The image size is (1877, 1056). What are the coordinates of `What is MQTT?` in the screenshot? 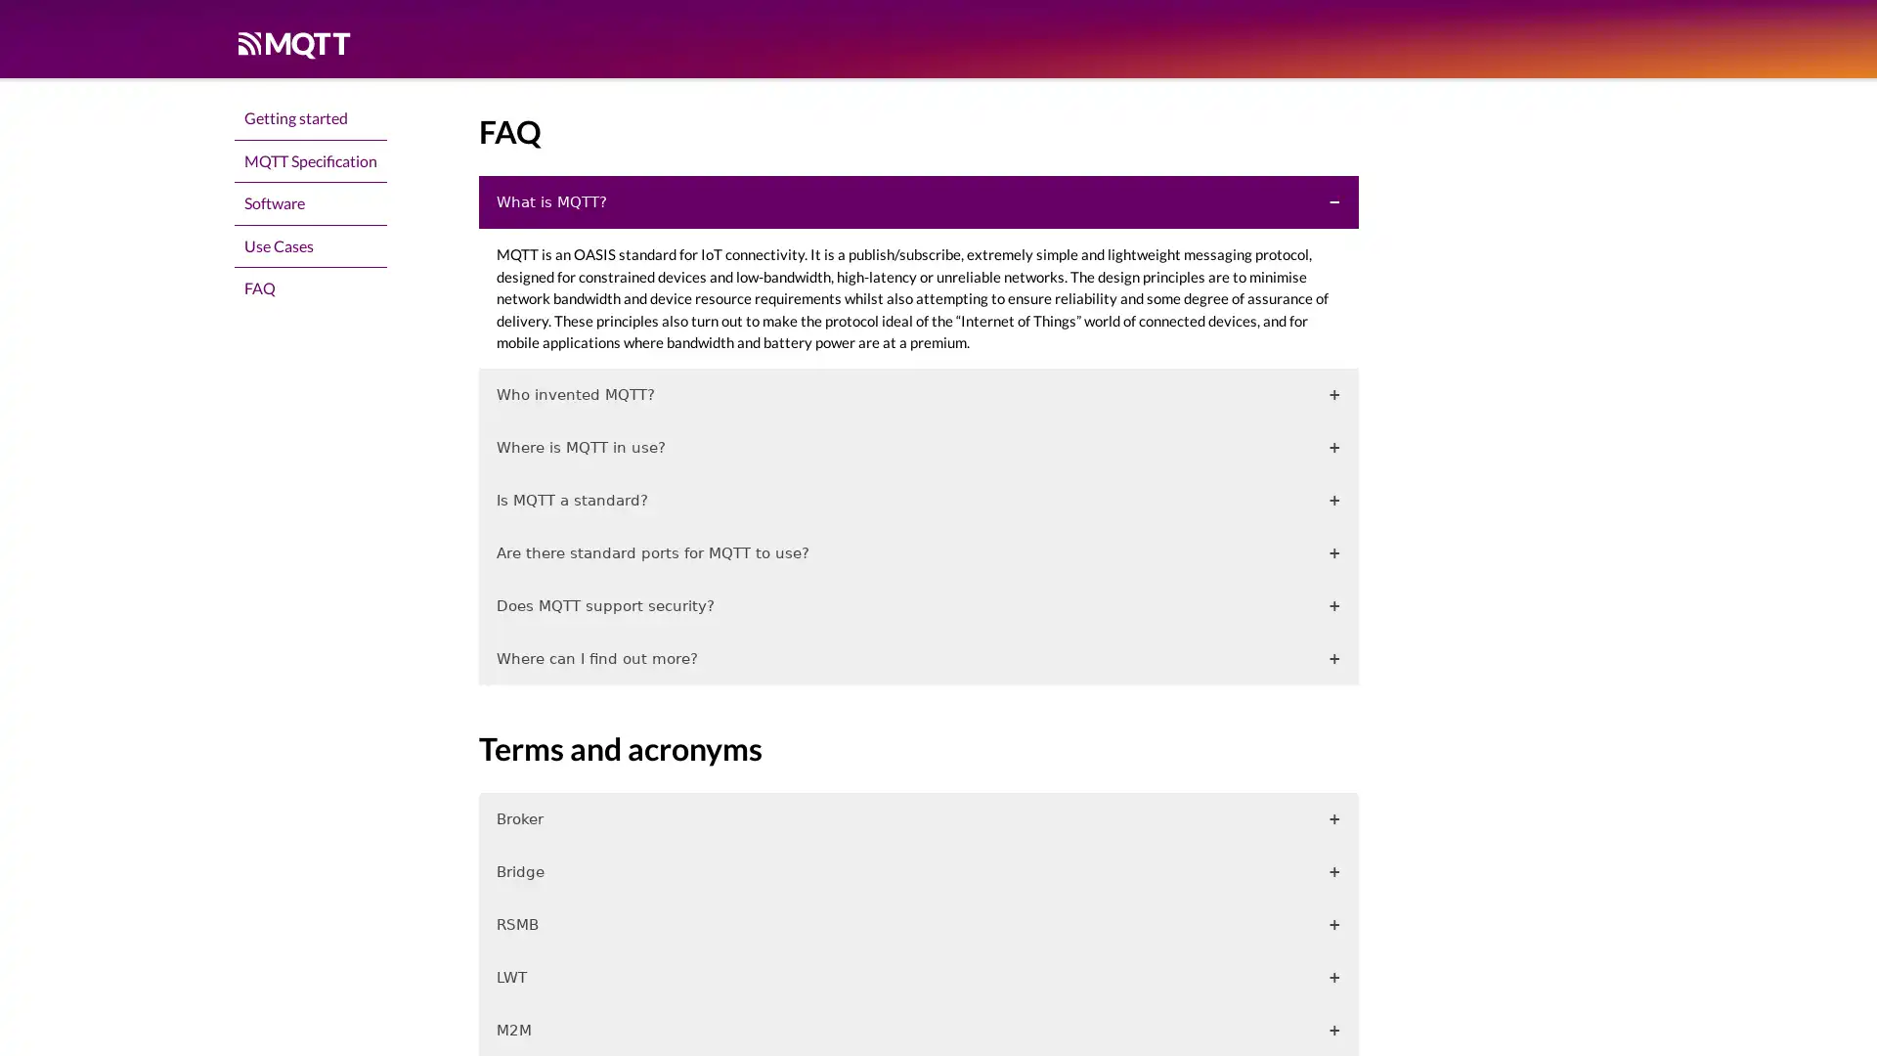 It's located at (918, 202).